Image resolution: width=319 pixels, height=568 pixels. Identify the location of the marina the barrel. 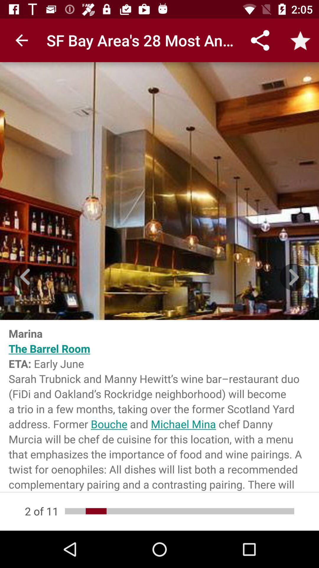
(159, 406).